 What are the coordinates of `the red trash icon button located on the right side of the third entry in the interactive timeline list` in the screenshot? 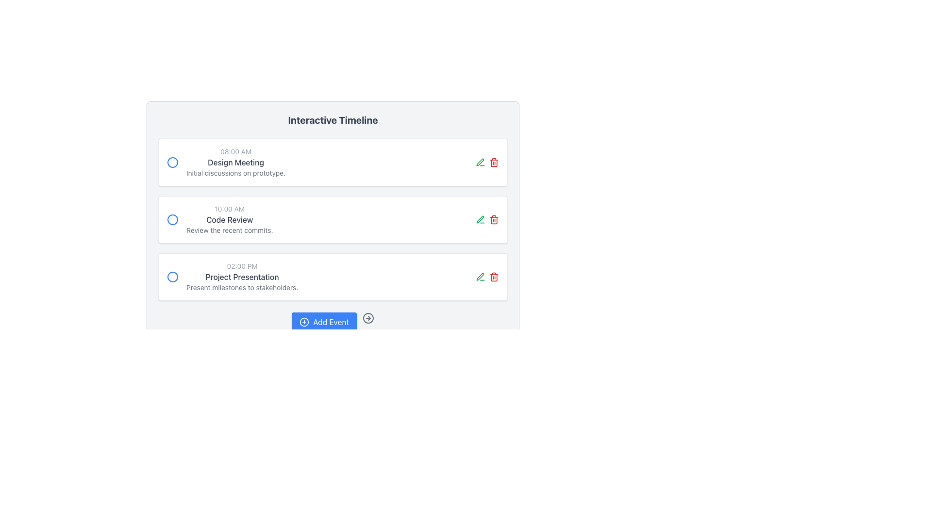 It's located at (494, 277).